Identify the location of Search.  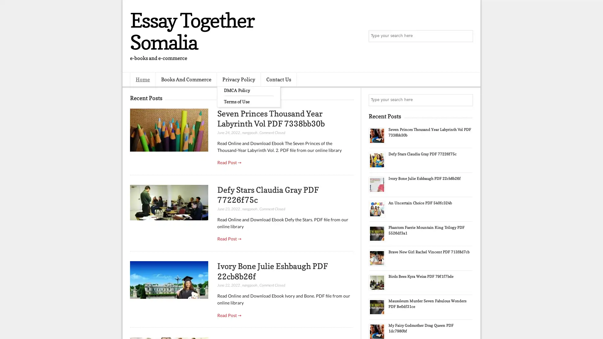
(466, 36).